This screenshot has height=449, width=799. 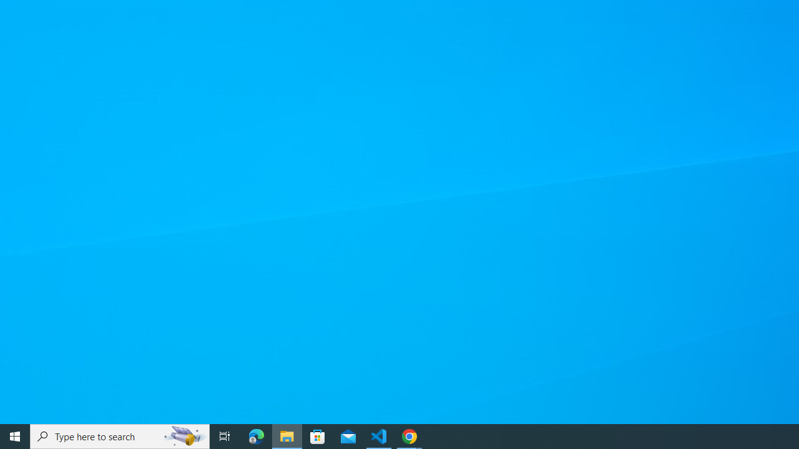 I want to click on 'Microsoft Edge', so click(x=256, y=435).